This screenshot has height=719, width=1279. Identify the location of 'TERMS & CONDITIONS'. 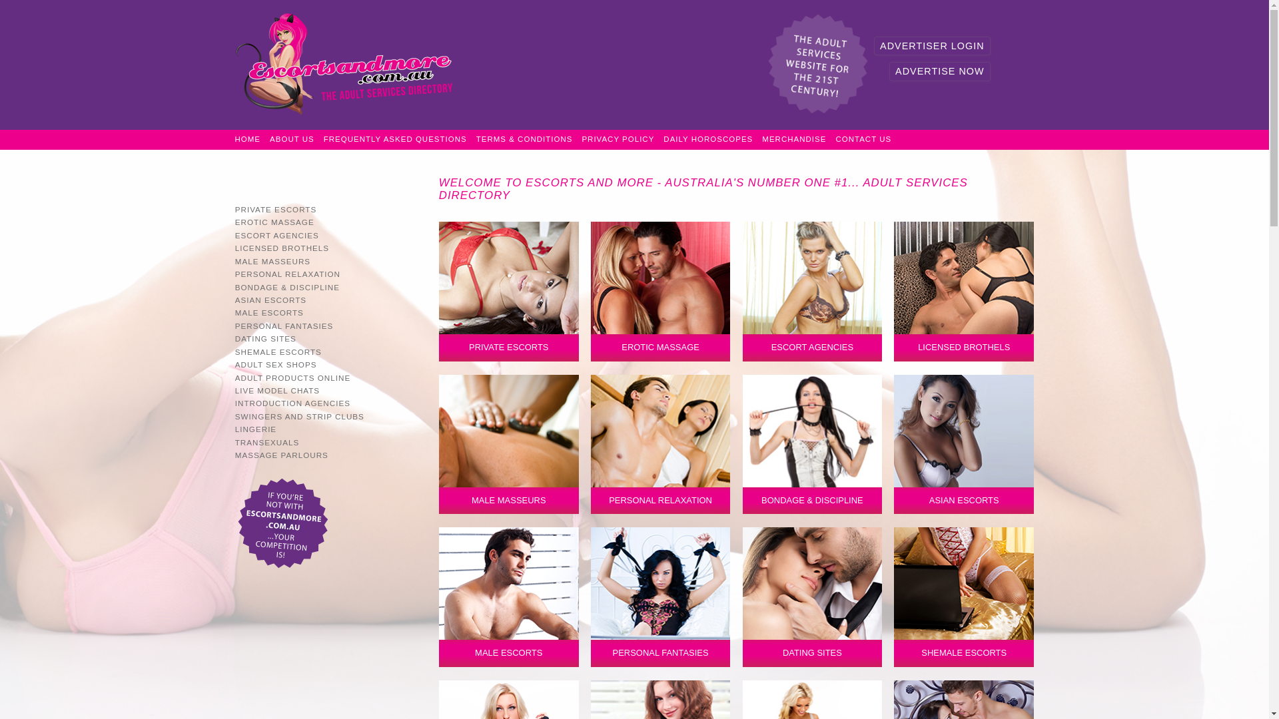
(524, 139).